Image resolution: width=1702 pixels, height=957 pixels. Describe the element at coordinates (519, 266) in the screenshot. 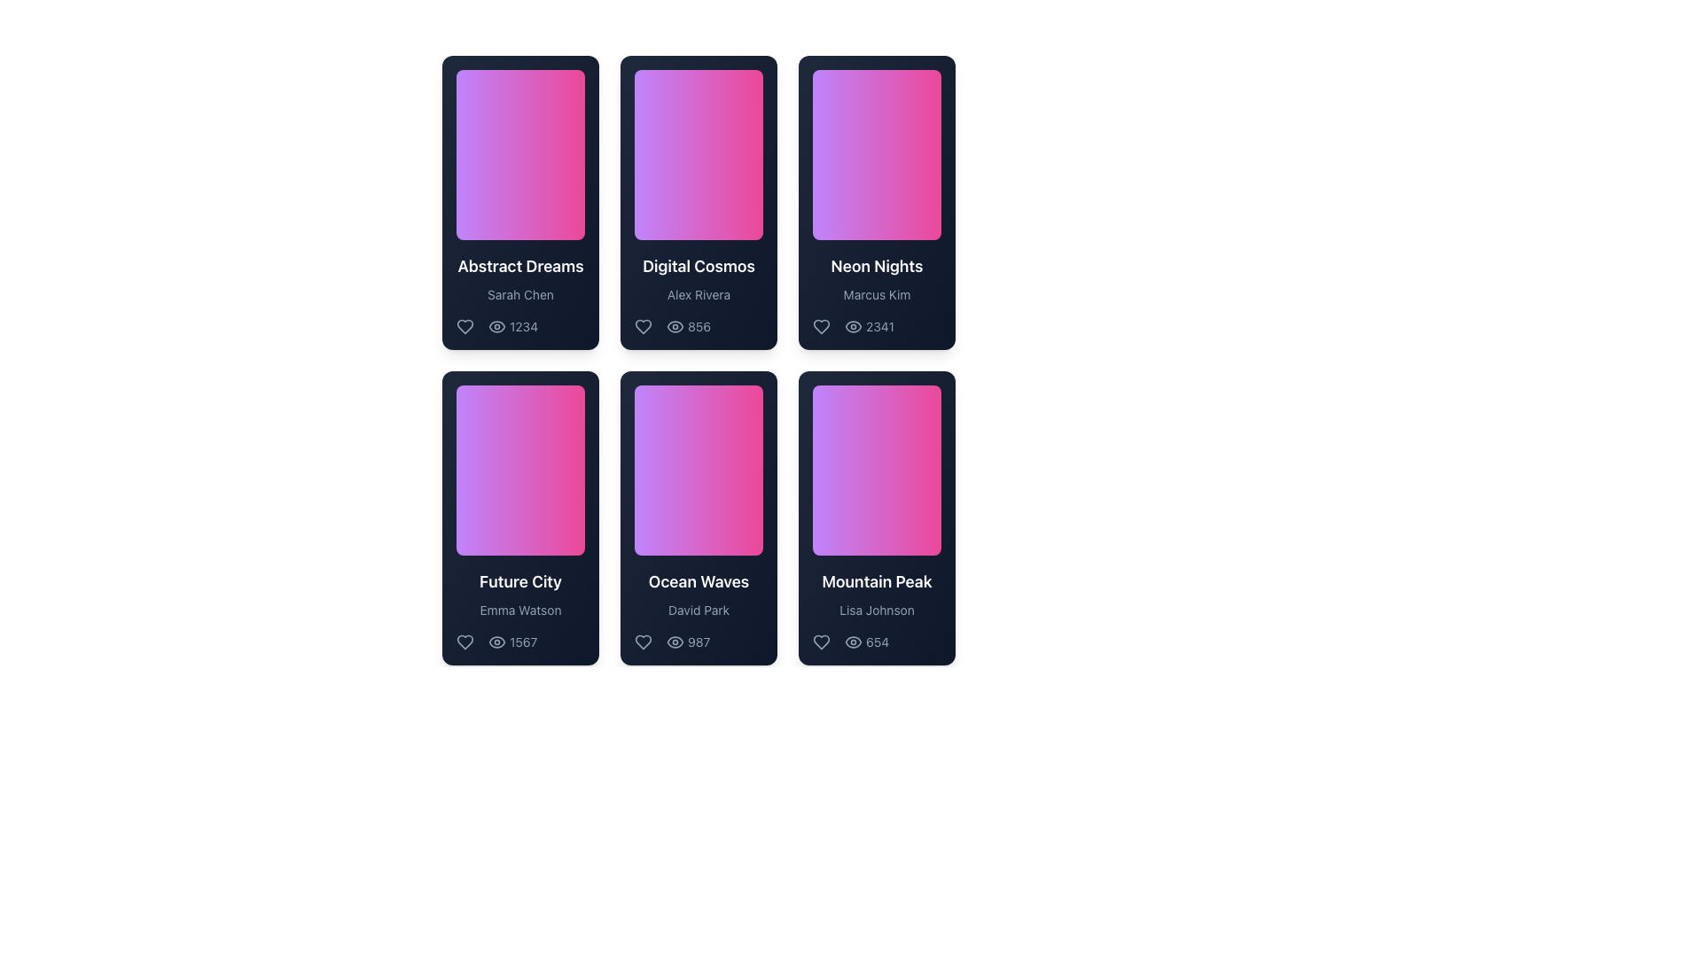

I see `the Text Label that displays the title of the associated content, located below the rectangular colored image and above the smaller text 'Sarah Chen'` at that location.